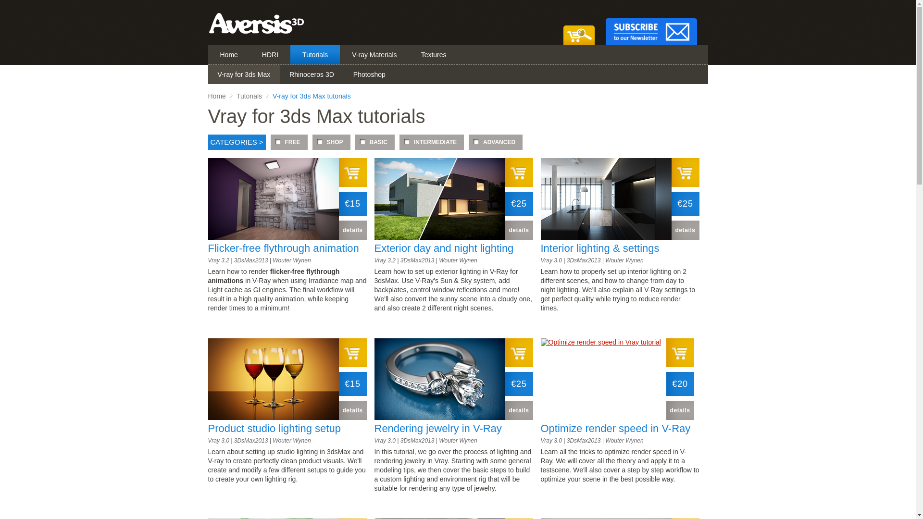 This screenshot has height=519, width=923. What do you see at coordinates (244, 74) in the screenshot?
I see `'V-ray for 3ds Max'` at bounding box center [244, 74].